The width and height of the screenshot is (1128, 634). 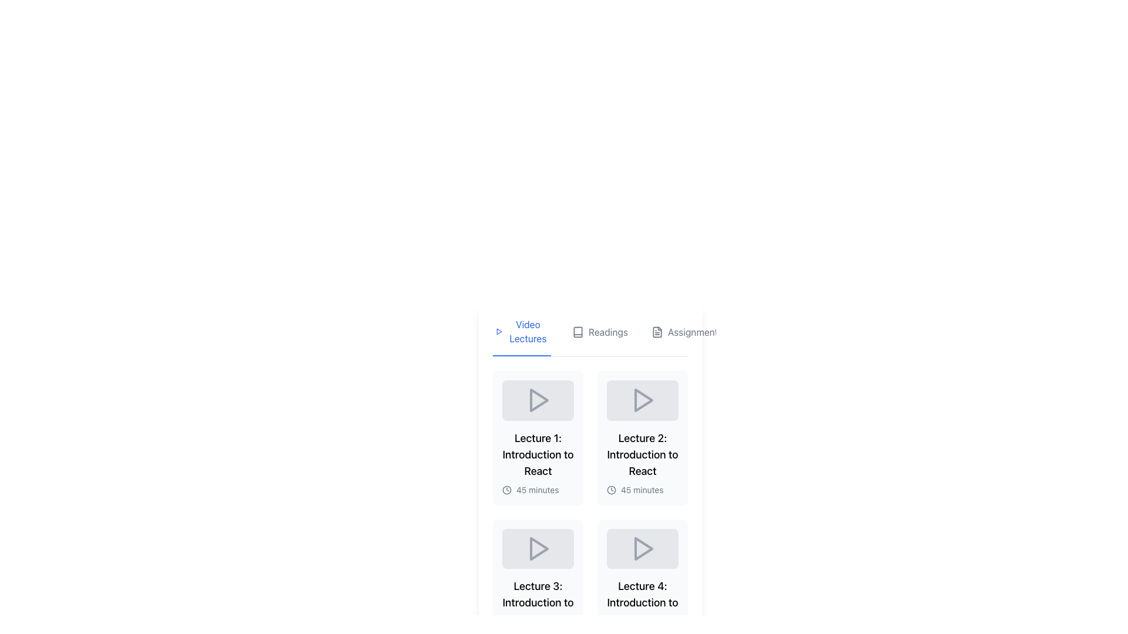 What do you see at coordinates (642, 400) in the screenshot?
I see `the triangular play icon within the 'Lecture 2: Introduction to React' card to trigger tooltips or animations` at bounding box center [642, 400].